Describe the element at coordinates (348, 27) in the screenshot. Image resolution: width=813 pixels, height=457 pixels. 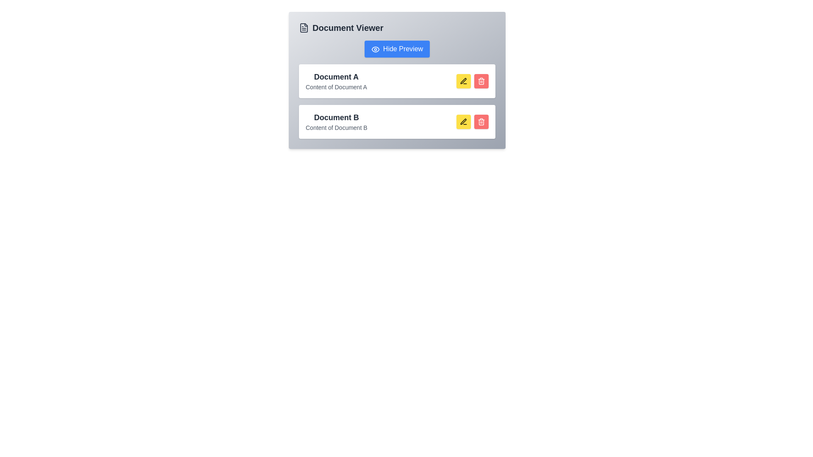
I see `the bold, large-sized text label reading 'Document Viewer' at the top of the document management interface` at that location.